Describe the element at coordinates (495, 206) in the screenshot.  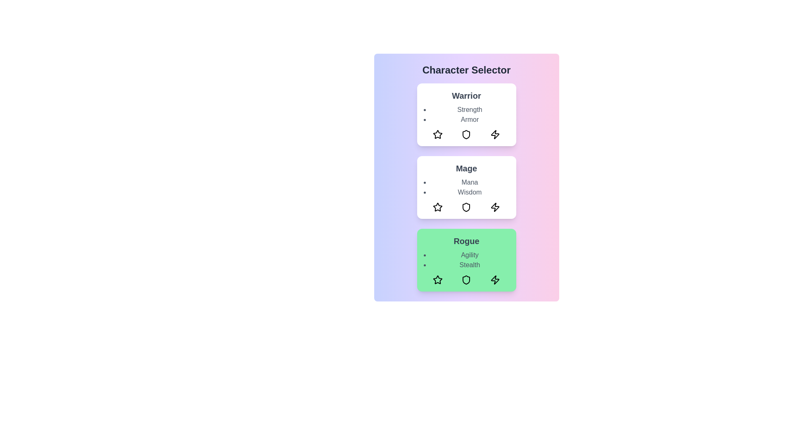
I see `the zap icon in the mage card` at that location.